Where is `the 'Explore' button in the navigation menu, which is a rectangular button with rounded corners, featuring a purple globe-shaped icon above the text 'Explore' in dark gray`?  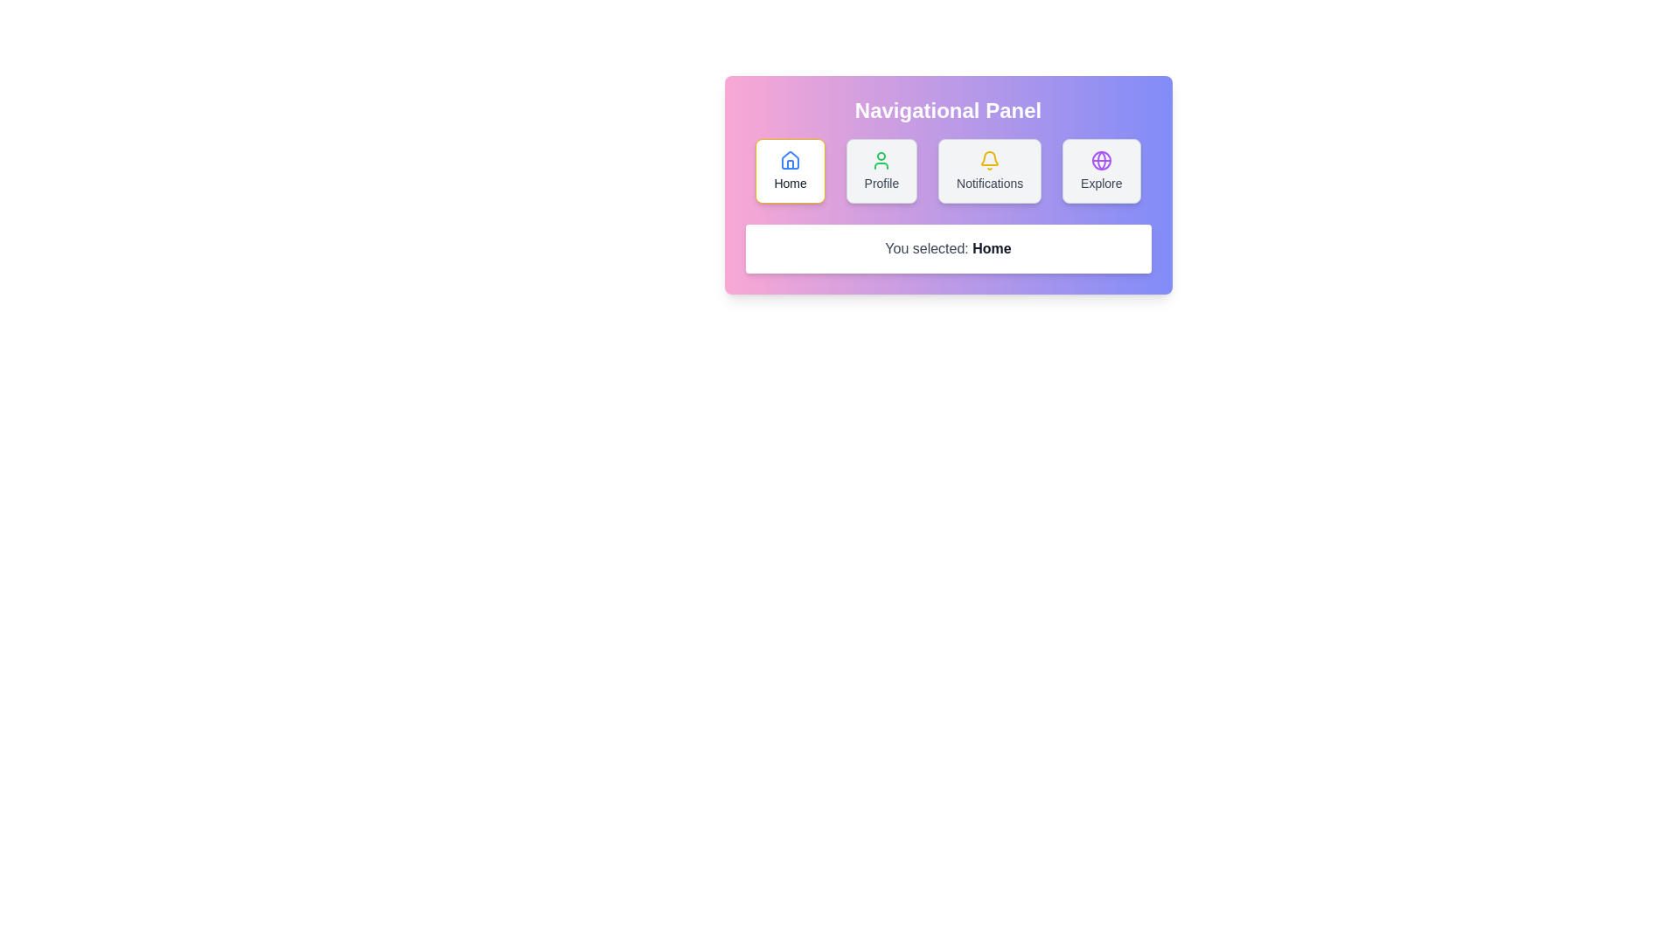
the 'Explore' button in the navigation menu, which is a rectangular button with rounded corners, featuring a purple globe-shaped icon above the text 'Explore' in dark gray is located at coordinates (1100, 171).